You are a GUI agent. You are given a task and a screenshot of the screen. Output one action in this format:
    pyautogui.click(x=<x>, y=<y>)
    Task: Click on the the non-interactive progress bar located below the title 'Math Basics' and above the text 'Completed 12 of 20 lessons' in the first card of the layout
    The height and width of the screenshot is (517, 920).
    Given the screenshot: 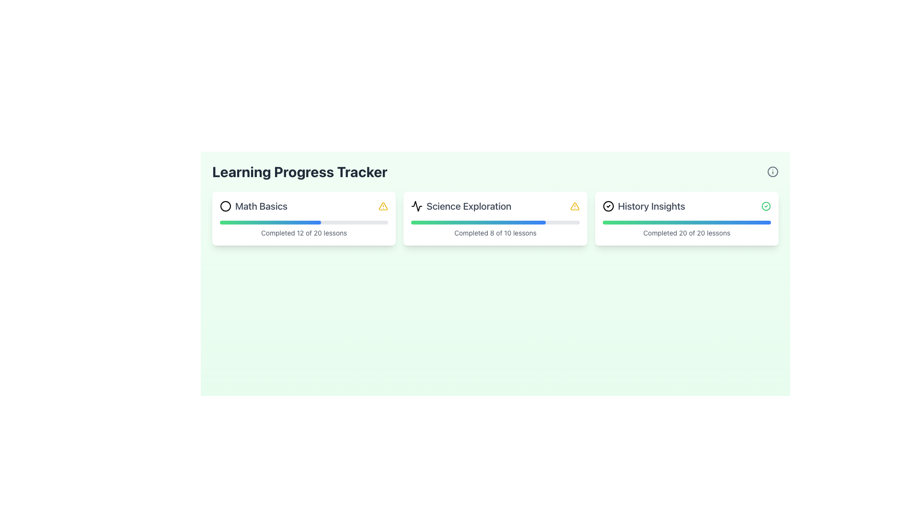 What is the action you would take?
    pyautogui.click(x=303, y=223)
    